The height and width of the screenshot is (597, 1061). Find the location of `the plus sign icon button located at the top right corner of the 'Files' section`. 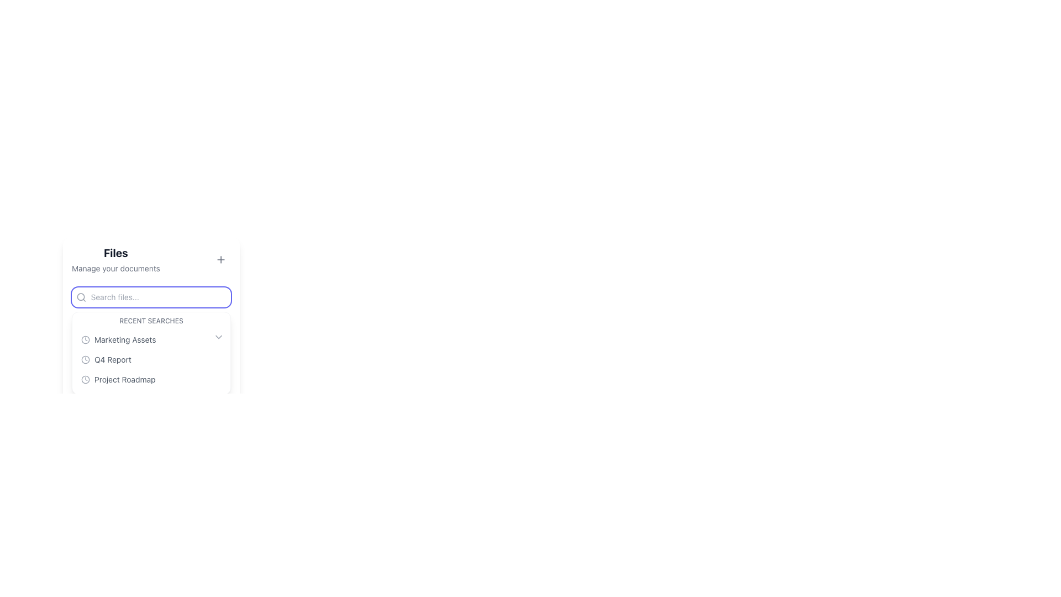

the plus sign icon button located at the top right corner of the 'Files' section is located at coordinates (220, 260).